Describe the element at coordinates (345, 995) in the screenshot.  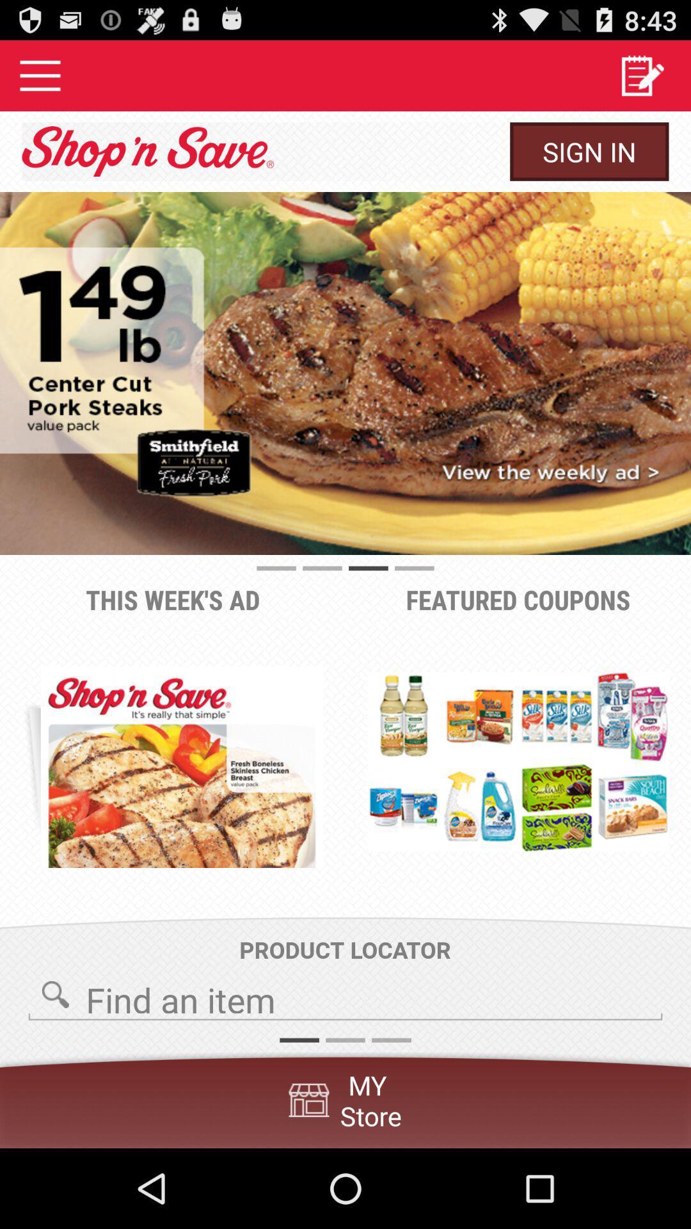
I see `find image and shop save` at that location.